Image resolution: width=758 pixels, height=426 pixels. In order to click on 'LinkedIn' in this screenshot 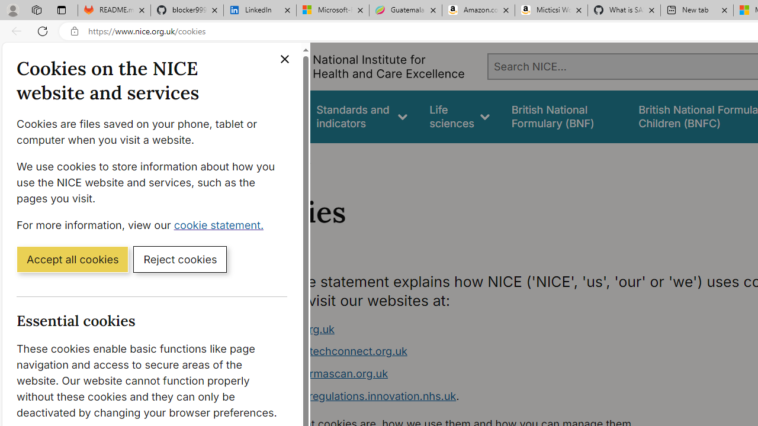, I will do `click(259, 10)`.